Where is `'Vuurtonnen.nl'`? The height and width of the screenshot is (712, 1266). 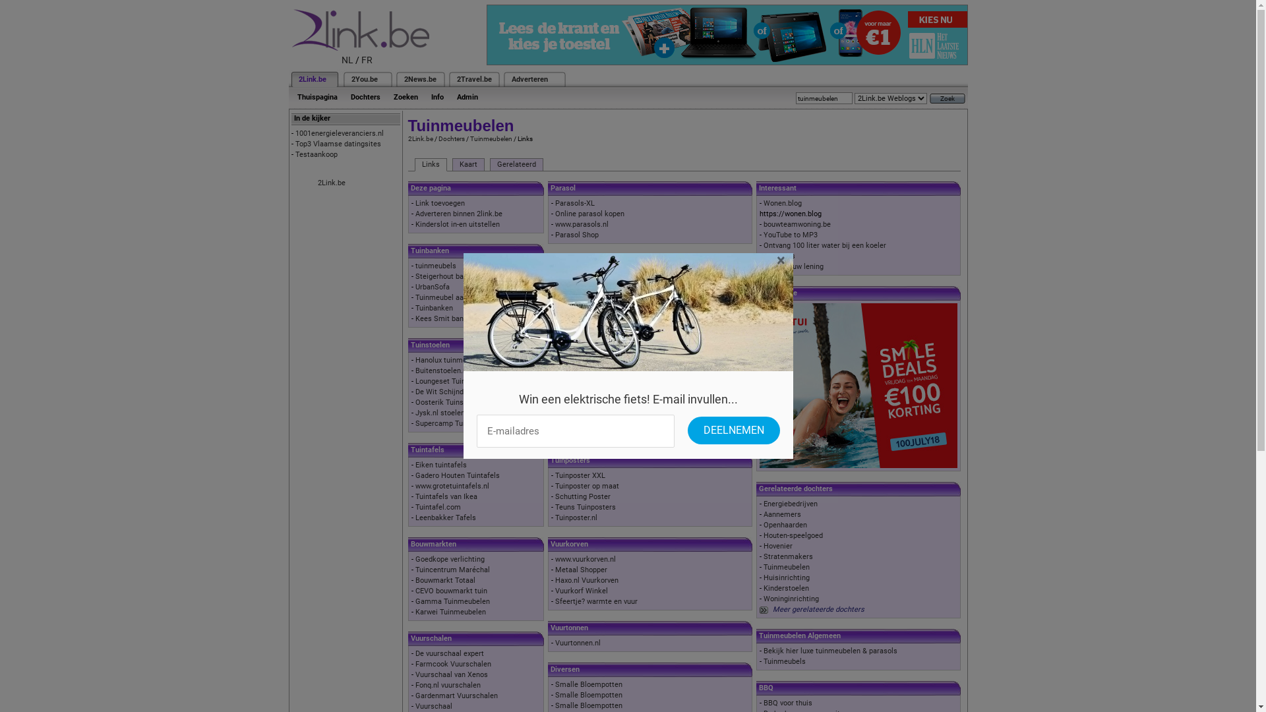
'Vuurtonnen.nl' is located at coordinates (555, 642).